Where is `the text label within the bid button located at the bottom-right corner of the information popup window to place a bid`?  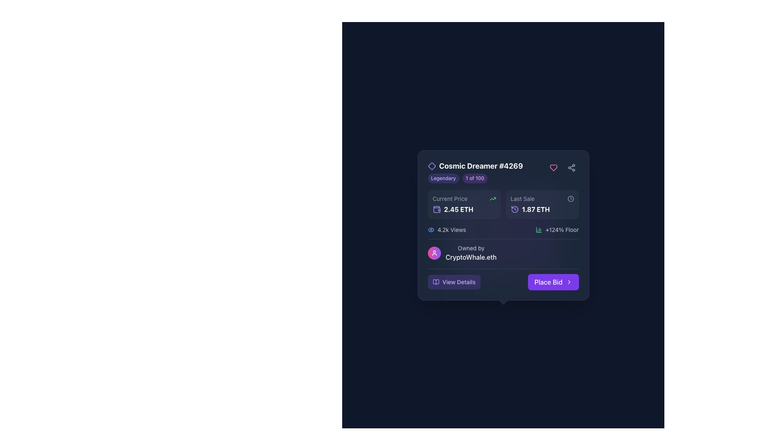
the text label within the bid button located at the bottom-right corner of the information popup window to place a bid is located at coordinates (548, 281).